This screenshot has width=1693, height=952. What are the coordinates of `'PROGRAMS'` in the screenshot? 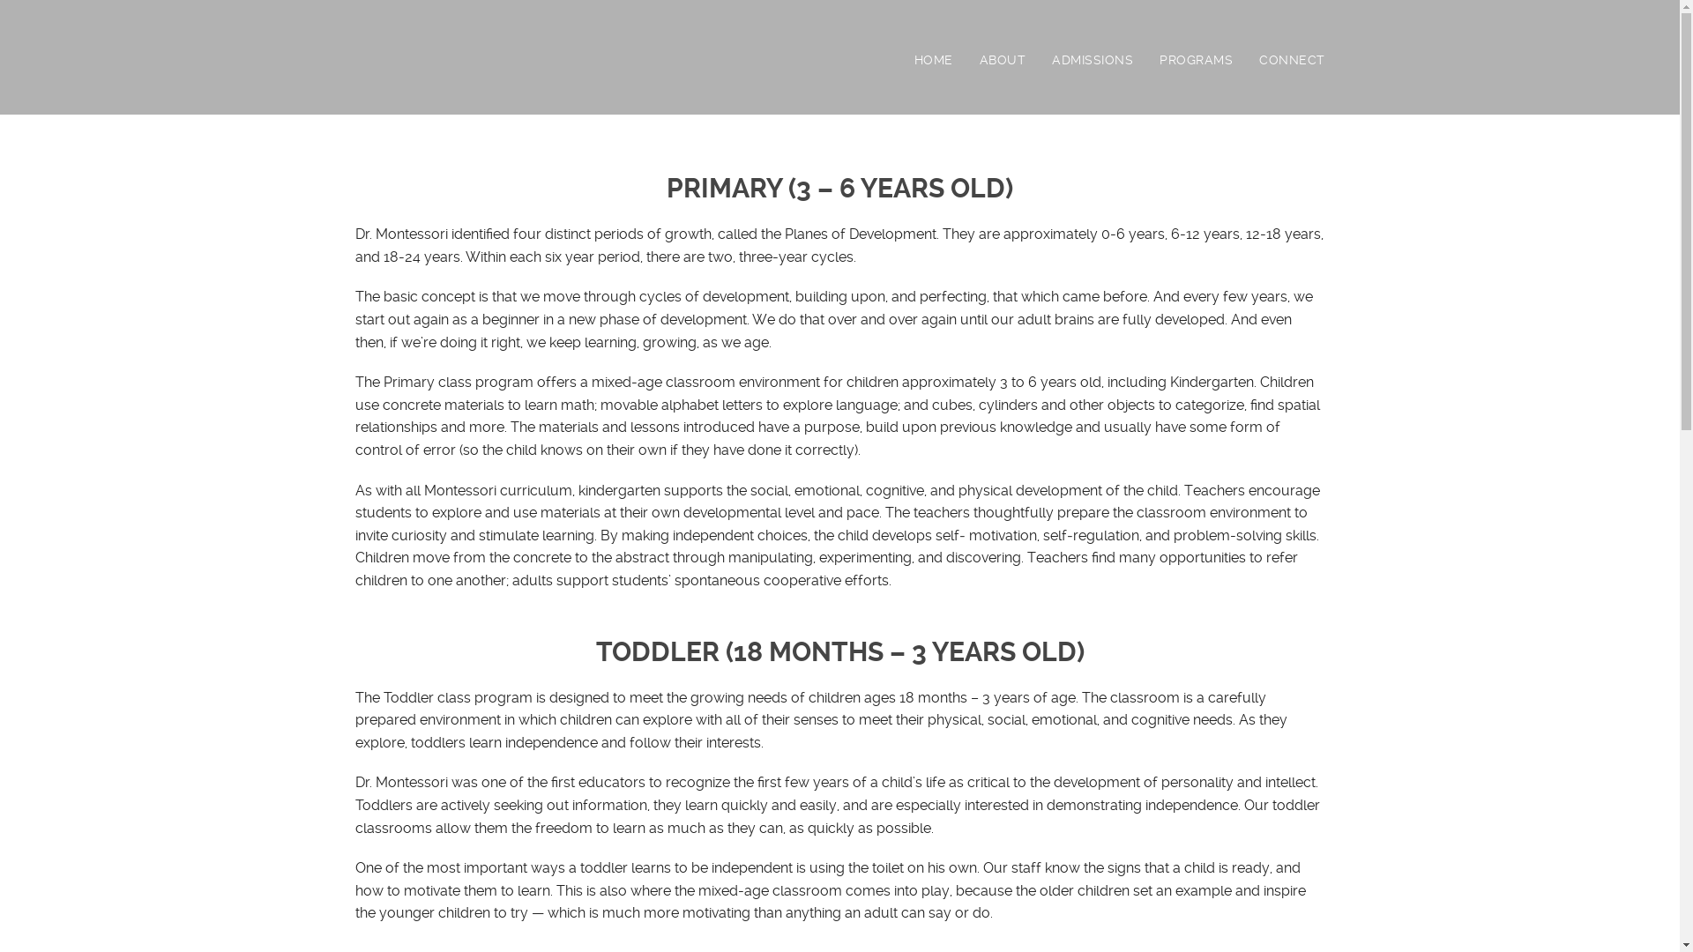 It's located at (1160, 59).